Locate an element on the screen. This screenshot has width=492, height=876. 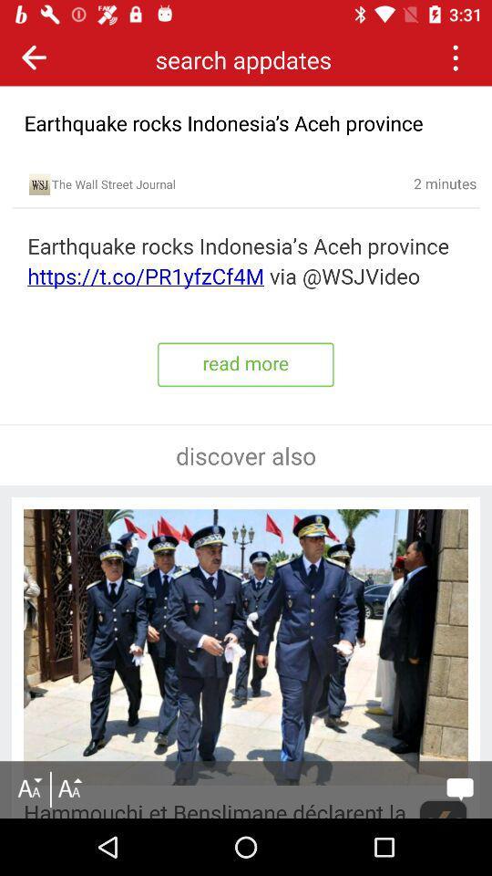
go back is located at coordinates (34, 57).